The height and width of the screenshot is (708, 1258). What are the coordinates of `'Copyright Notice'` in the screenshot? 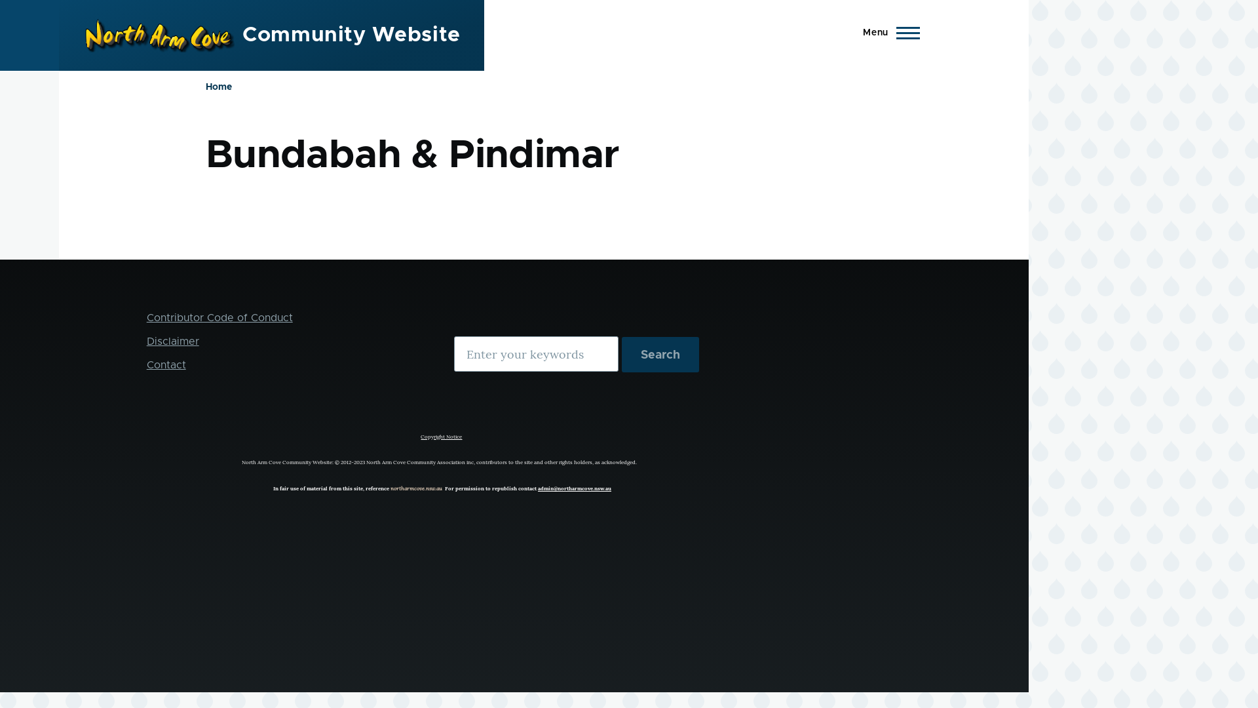 It's located at (441, 434).